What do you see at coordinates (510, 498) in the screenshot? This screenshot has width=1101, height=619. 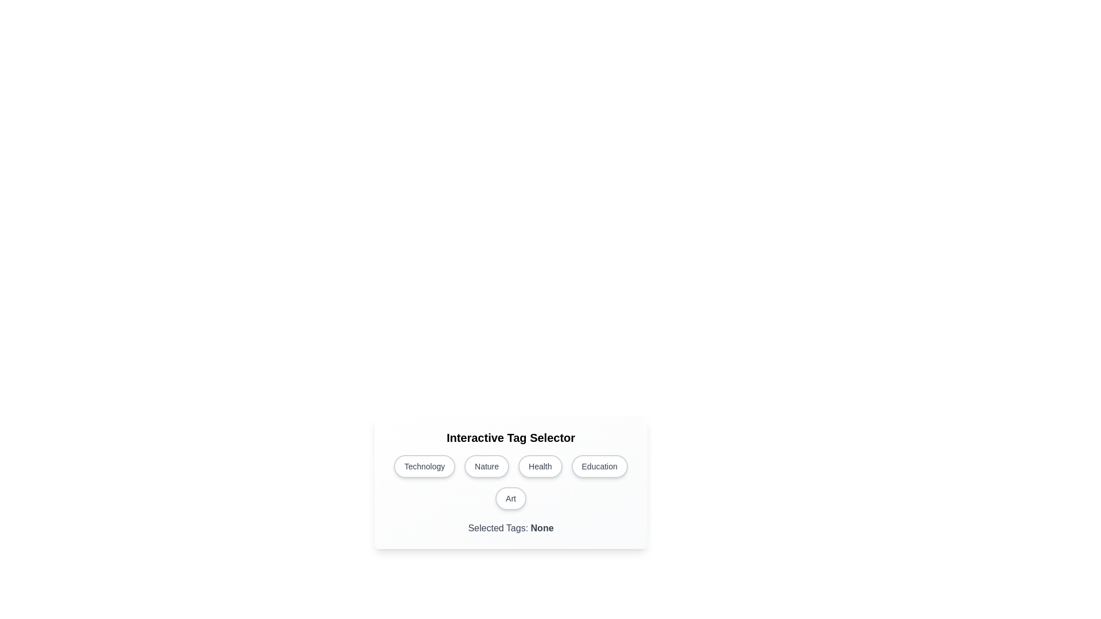 I see `the Art tag to select or deselect it` at bounding box center [510, 498].